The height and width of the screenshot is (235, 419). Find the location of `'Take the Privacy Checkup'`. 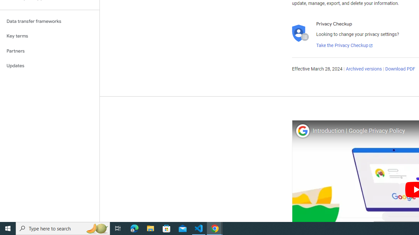

'Take the Privacy Checkup' is located at coordinates (344, 45).